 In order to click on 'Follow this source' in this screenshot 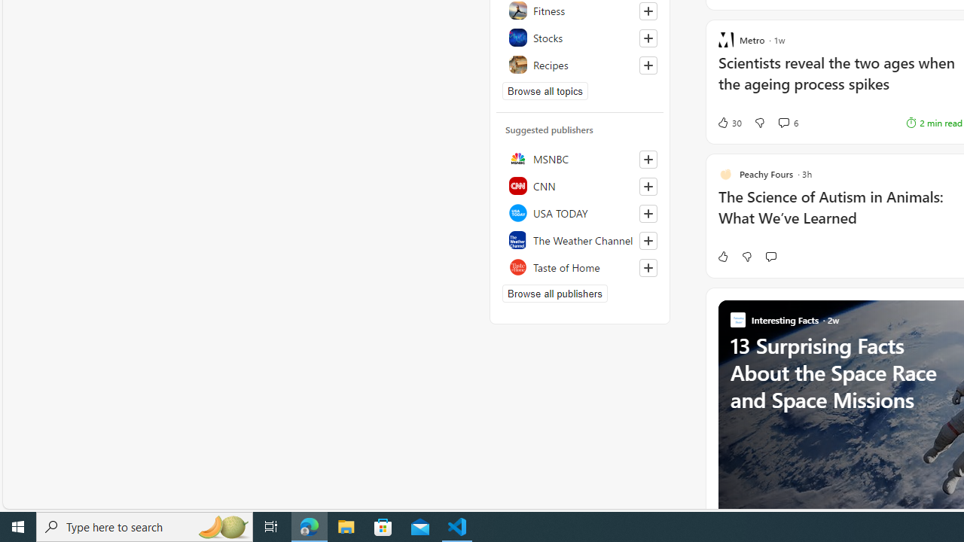, I will do `click(648, 267)`.